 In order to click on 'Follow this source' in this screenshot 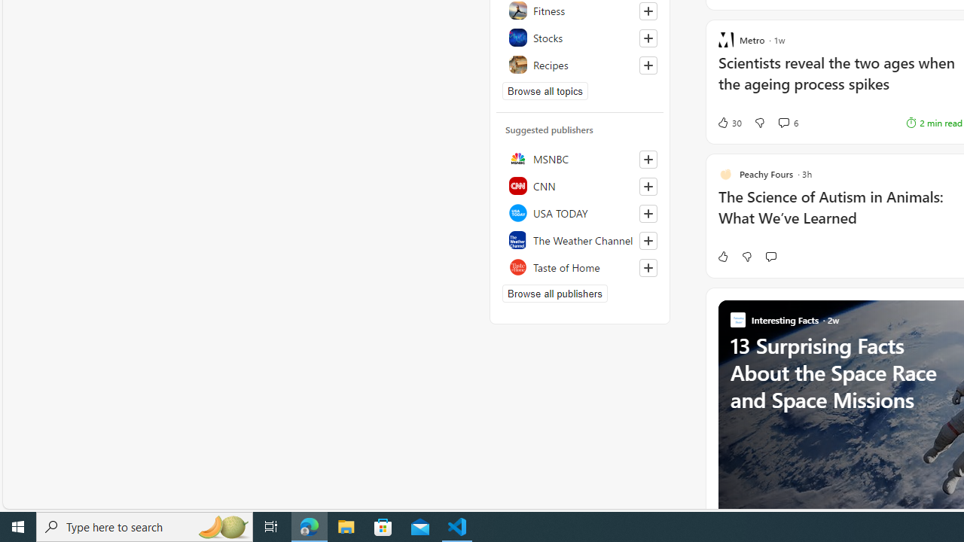, I will do `click(648, 267)`.